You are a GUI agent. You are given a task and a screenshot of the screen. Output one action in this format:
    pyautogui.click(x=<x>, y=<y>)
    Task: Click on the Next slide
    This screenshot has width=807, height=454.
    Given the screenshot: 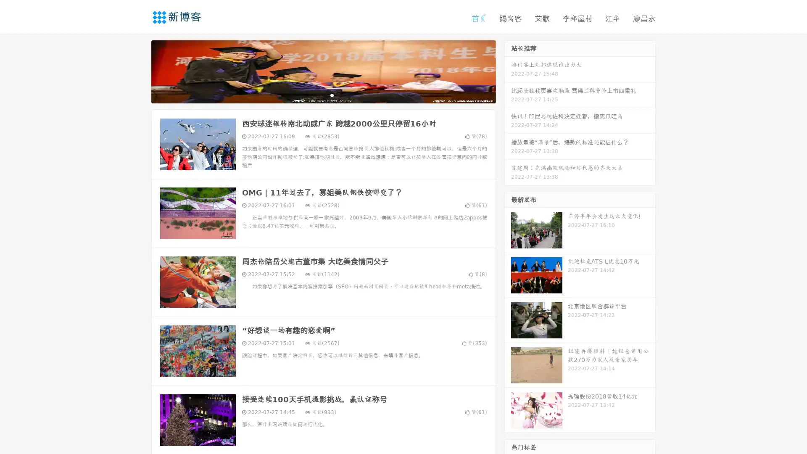 What is the action you would take?
    pyautogui.click(x=508, y=71)
    